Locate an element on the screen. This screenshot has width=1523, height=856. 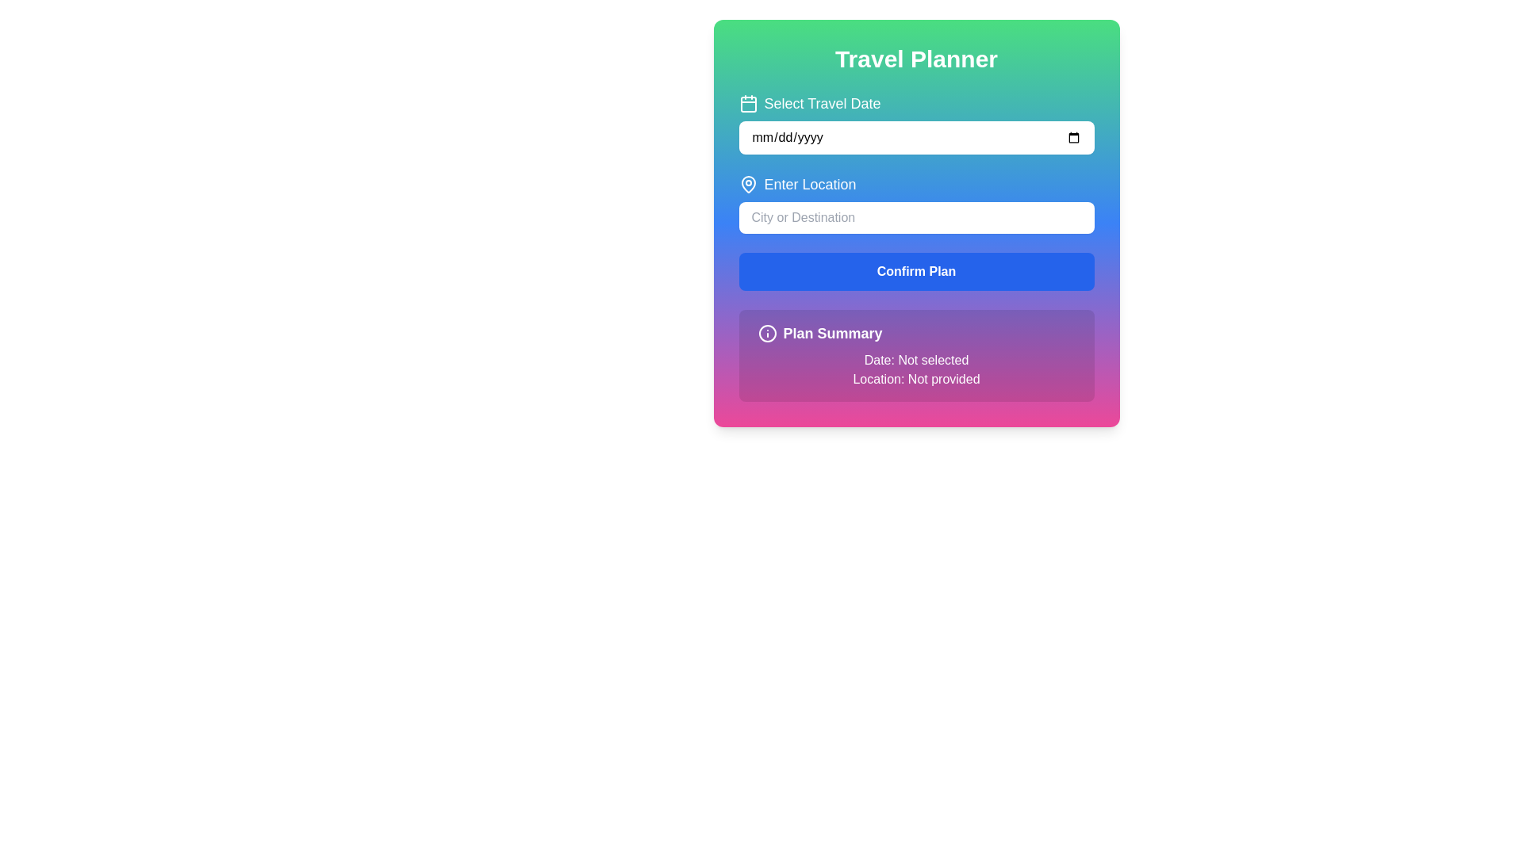
the informational icon indicating the 'Plan Summary' section, positioned to the left of the 'Plan Summary' text is located at coordinates (767, 332).